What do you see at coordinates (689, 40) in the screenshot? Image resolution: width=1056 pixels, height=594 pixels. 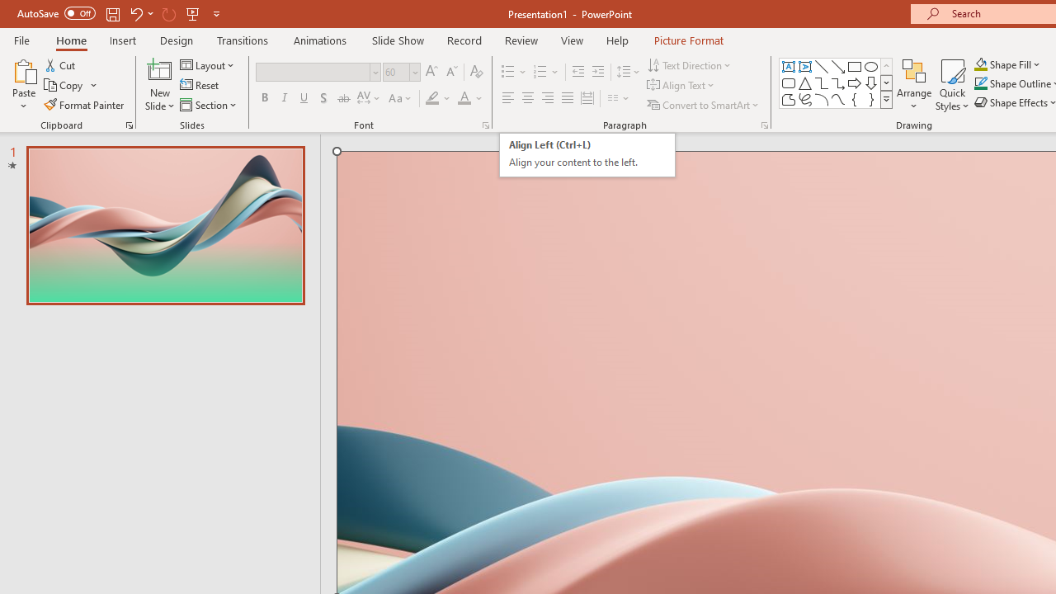 I see `'Picture Format'` at bounding box center [689, 40].